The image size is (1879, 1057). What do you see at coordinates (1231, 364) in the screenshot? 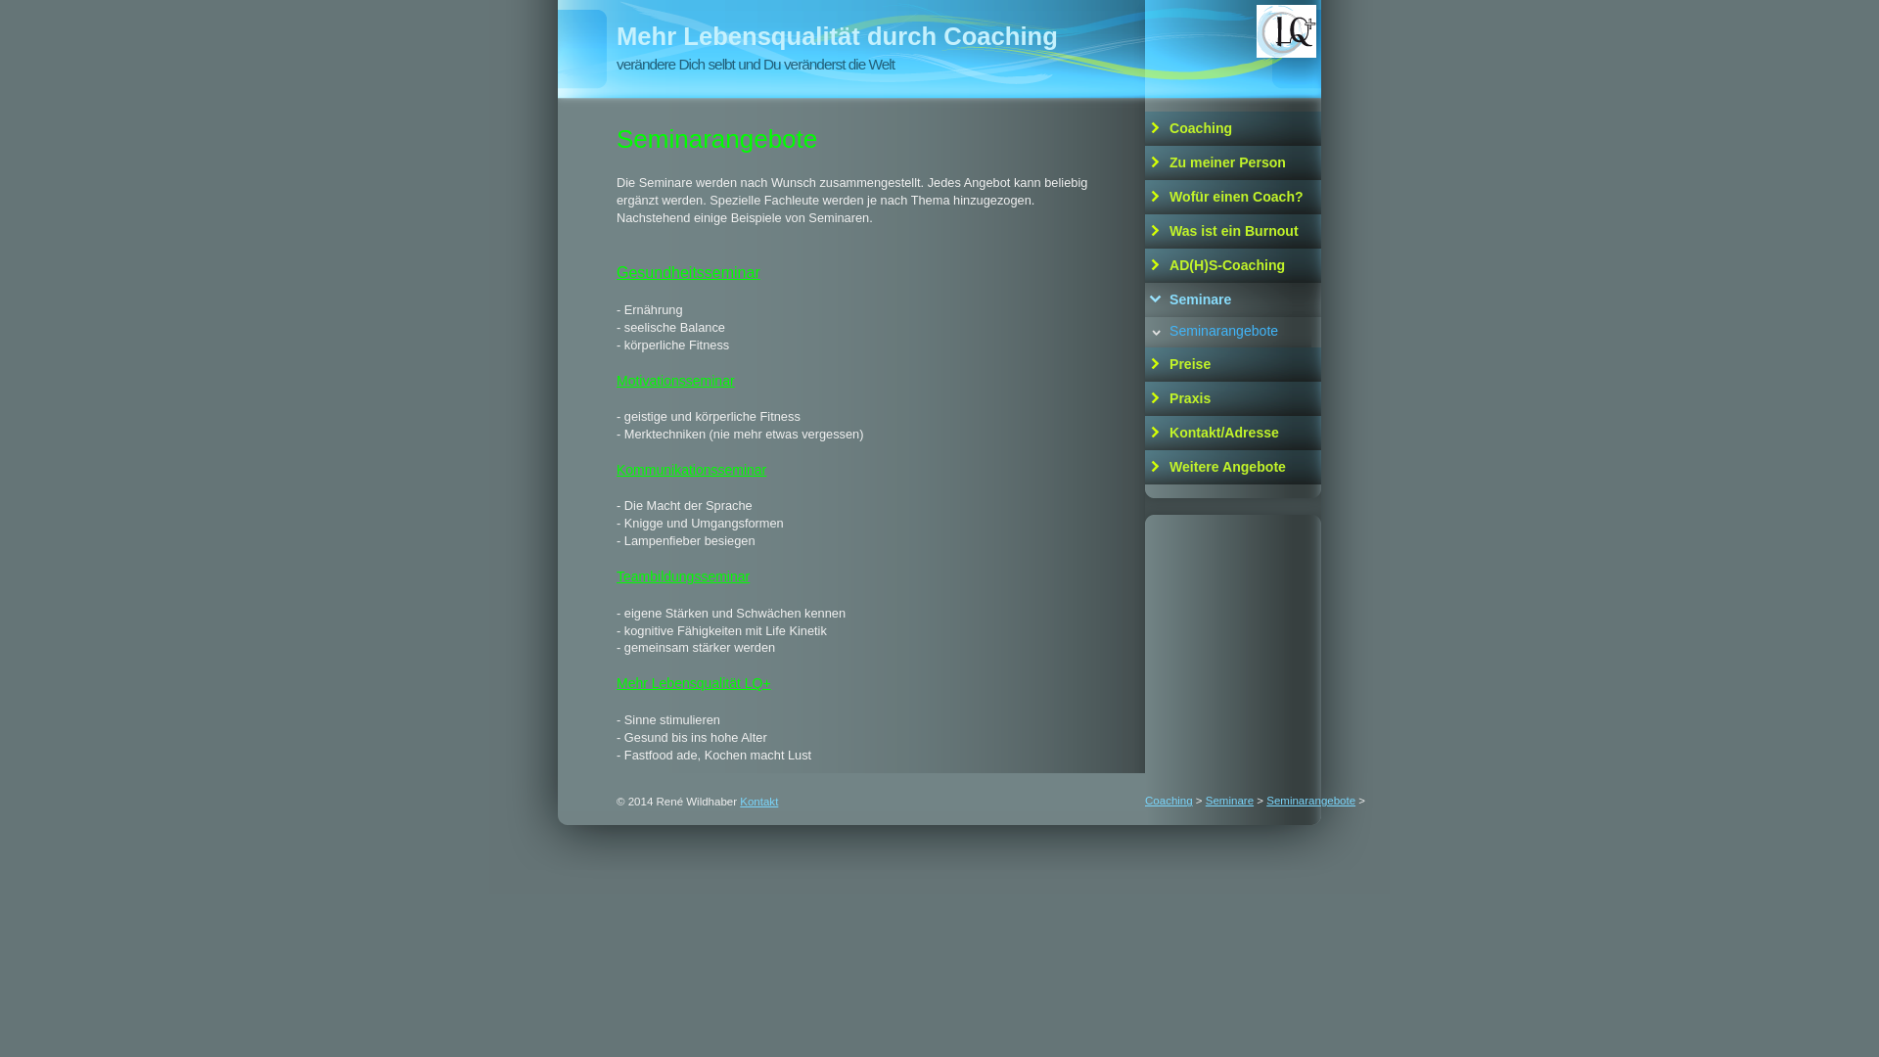
I see `'Preise'` at bounding box center [1231, 364].